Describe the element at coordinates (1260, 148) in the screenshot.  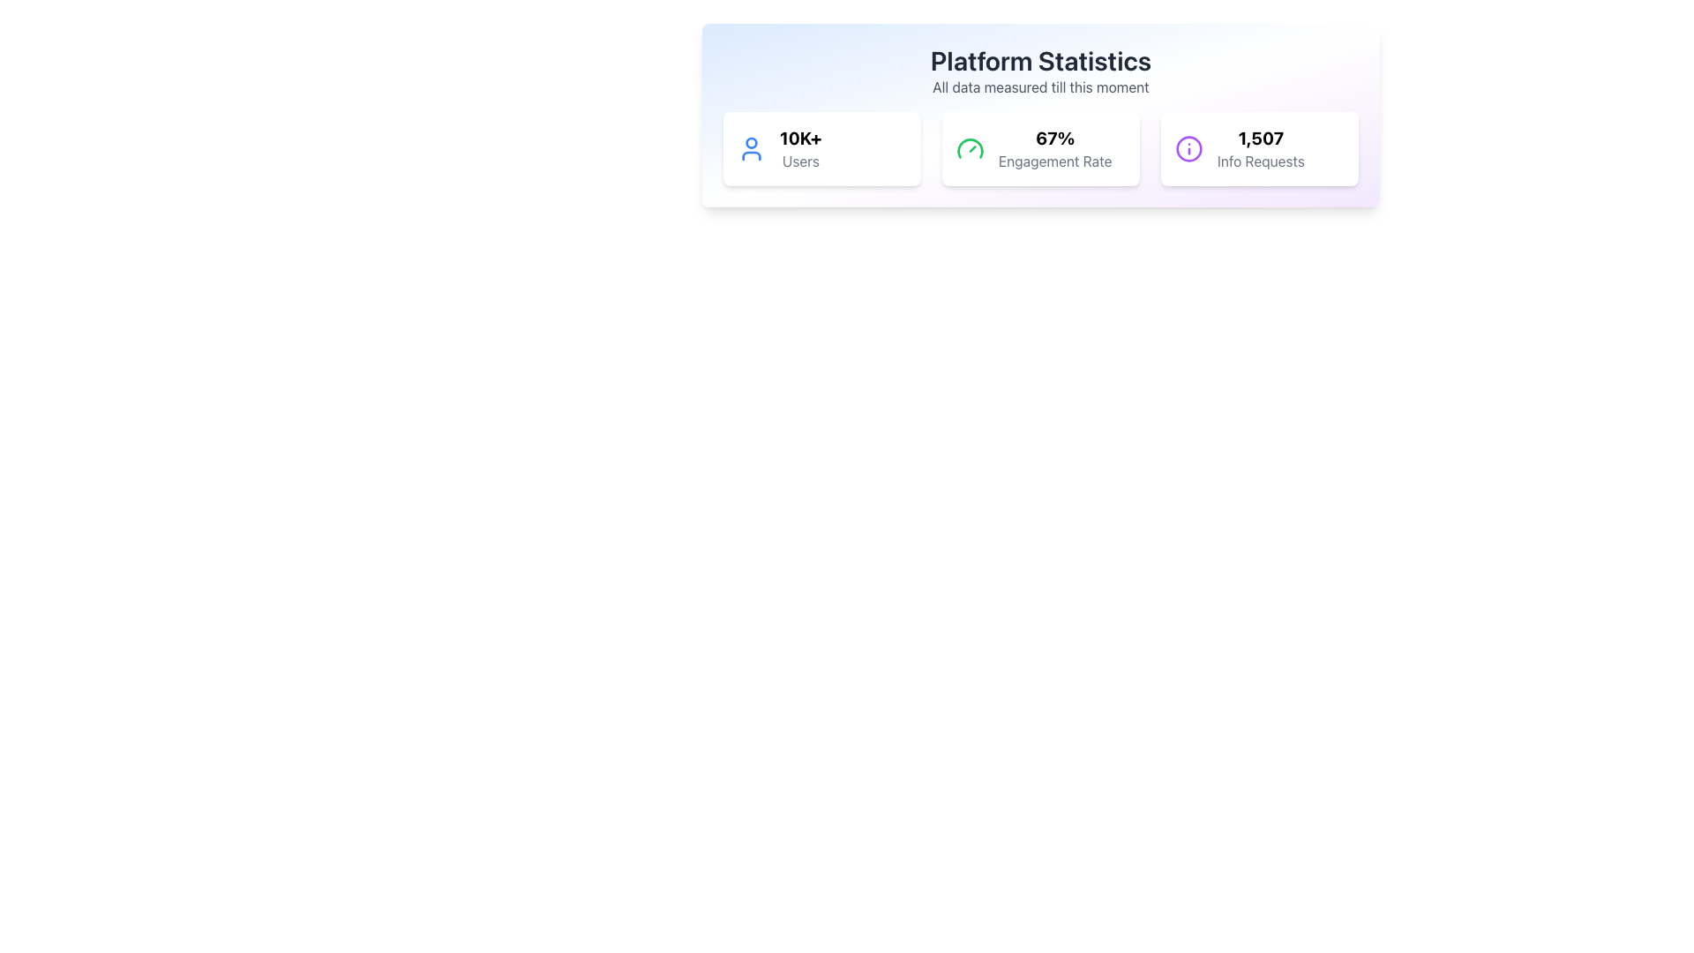
I see `information displayed in the text block that shows '1,507 Info Requests', which is located on the rightmost side of the third card under the 'Platform Statistics' section` at that location.